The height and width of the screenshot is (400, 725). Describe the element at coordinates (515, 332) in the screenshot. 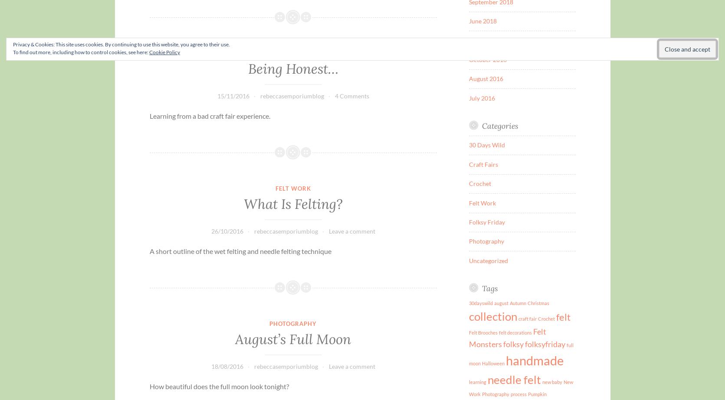

I see `'felt decorations'` at that location.